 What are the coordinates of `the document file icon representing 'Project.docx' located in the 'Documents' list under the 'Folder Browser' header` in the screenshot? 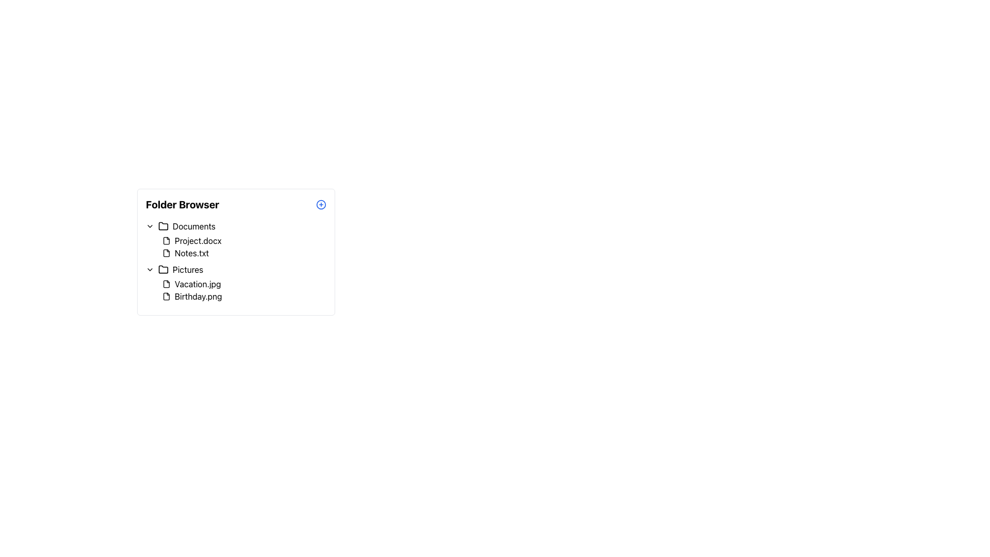 It's located at (166, 240).